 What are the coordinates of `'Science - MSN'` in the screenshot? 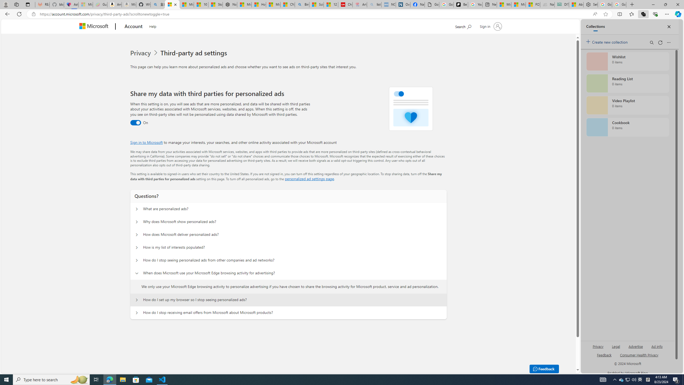 It's located at (317, 4).